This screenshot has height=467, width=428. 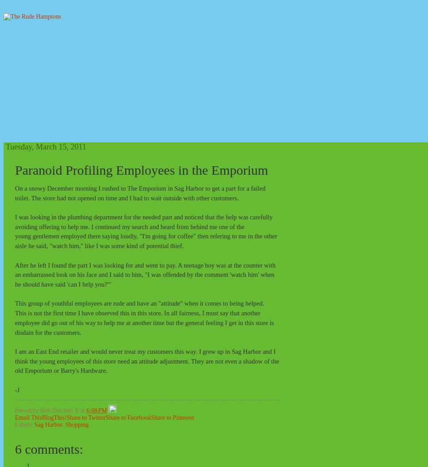 What do you see at coordinates (65, 424) in the screenshot?
I see `'Shopping'` at bounding box center [65, 424].